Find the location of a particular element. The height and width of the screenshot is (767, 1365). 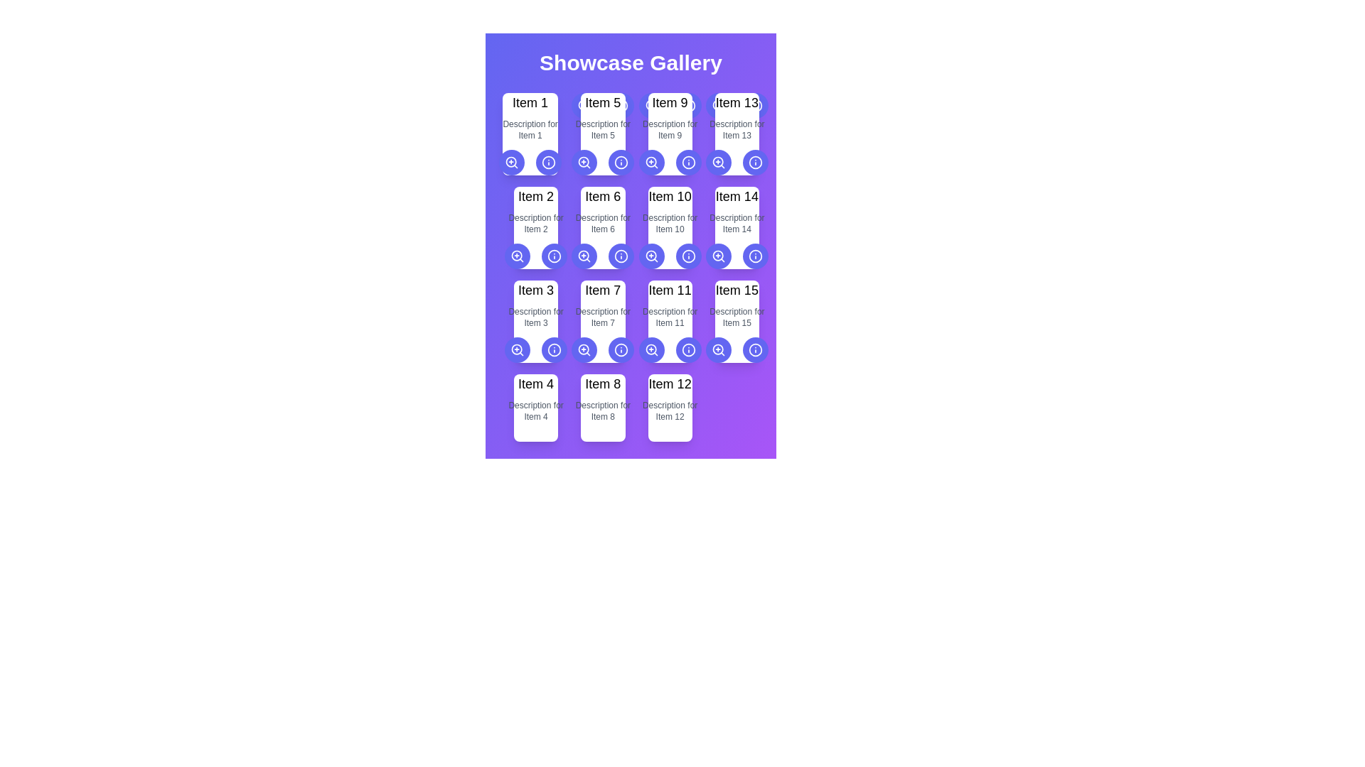

the circular 'info' icon with a blue background and white symbol located in the bottom-right corner of the 'Item 5' cell in the grid layout is located at coordinates (621, 161).